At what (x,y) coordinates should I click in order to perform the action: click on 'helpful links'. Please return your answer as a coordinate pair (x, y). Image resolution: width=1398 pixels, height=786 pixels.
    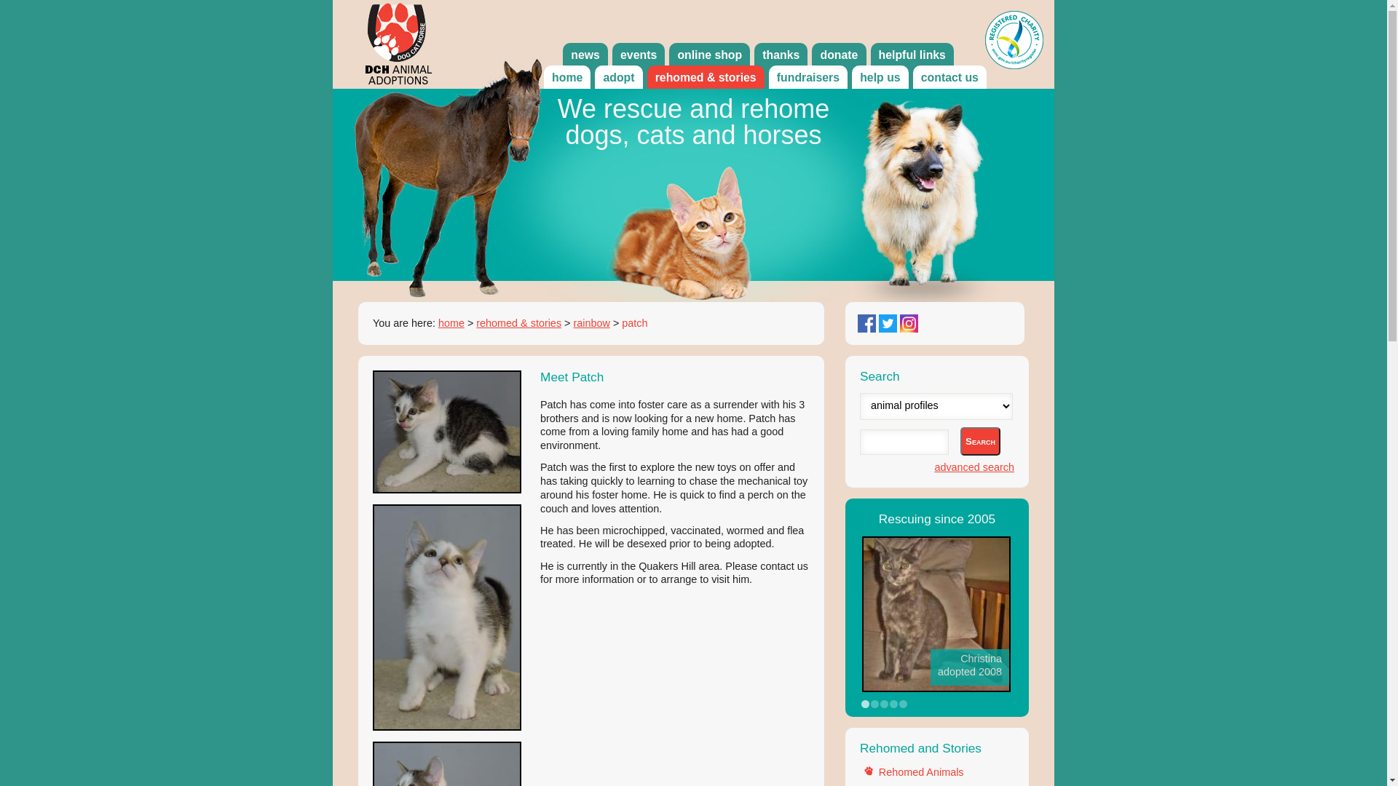
    Looking at the image, I should click on (912, 55).